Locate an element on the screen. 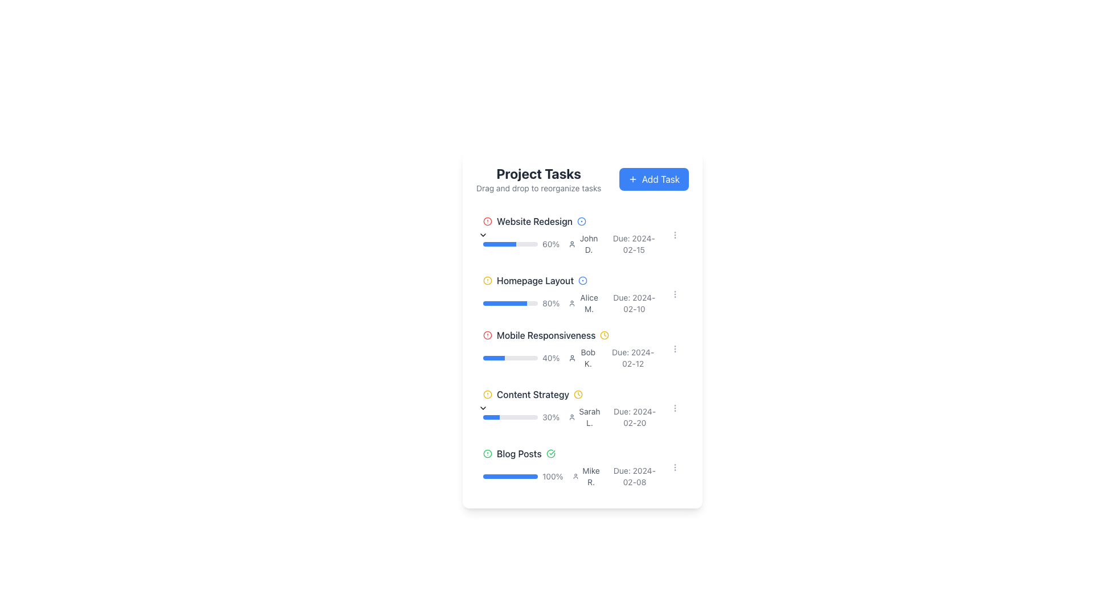 This screenshot has height=615, width=1094. the draggable handle icon consisting of nine small circles arranged in a 3x3 grid layout, located within the leftmost part of the 'Mobile Responsiveness' task list row is located at coordinates (470, 348).